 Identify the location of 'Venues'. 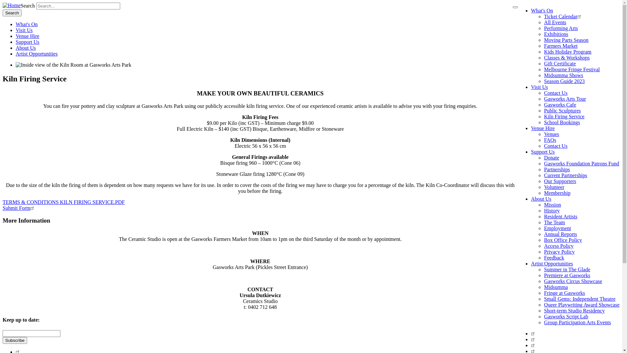
(551, 134).